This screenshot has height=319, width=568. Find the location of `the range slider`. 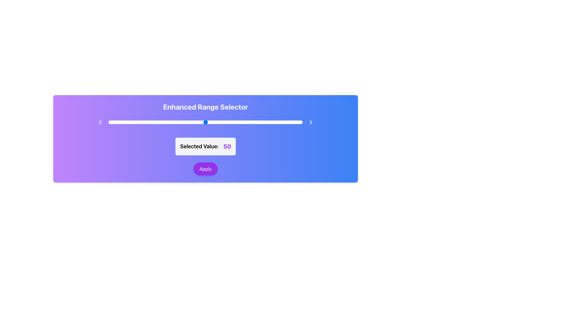

the range slider is located at coordinates (246, 122).